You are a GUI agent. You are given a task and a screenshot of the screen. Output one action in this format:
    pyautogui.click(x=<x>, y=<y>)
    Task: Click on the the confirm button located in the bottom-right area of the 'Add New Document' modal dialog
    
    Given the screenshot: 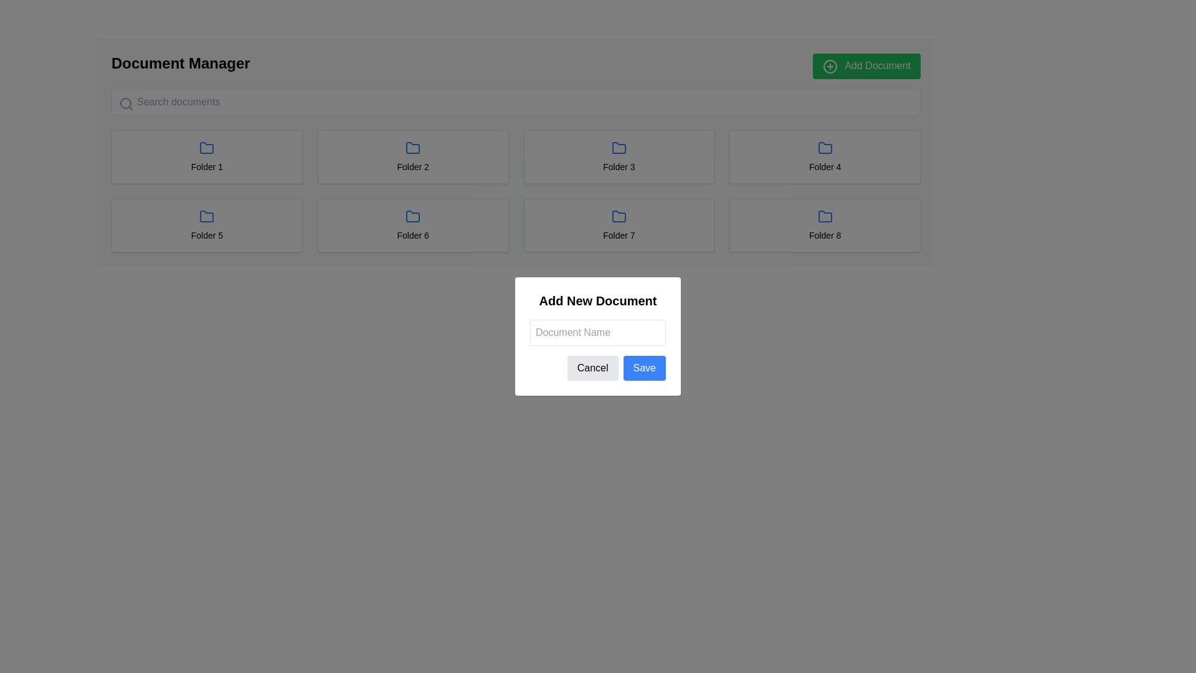 What is the action you would take?
    pyautogui.click(x=644, y=367)
    